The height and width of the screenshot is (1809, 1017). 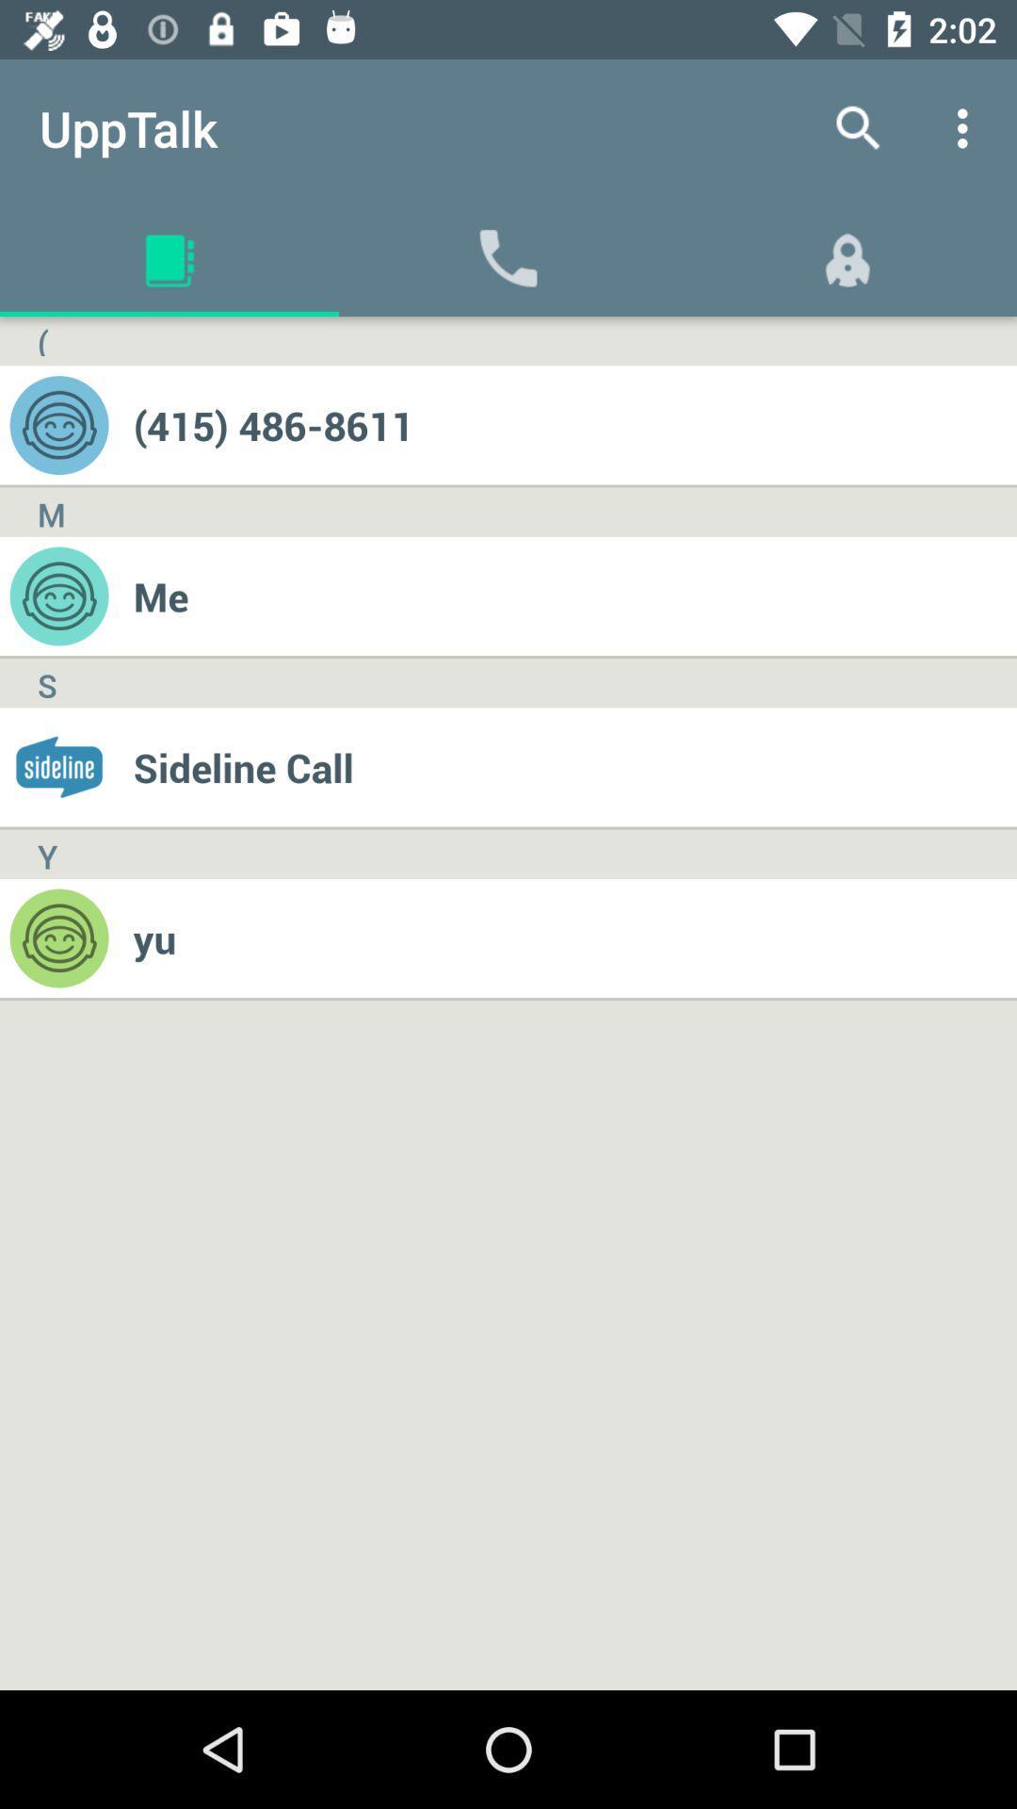 What do you see at coordinates (573, 595) in the screenshot?
I see `item above sideline call item` at bounding box center [573, 595].